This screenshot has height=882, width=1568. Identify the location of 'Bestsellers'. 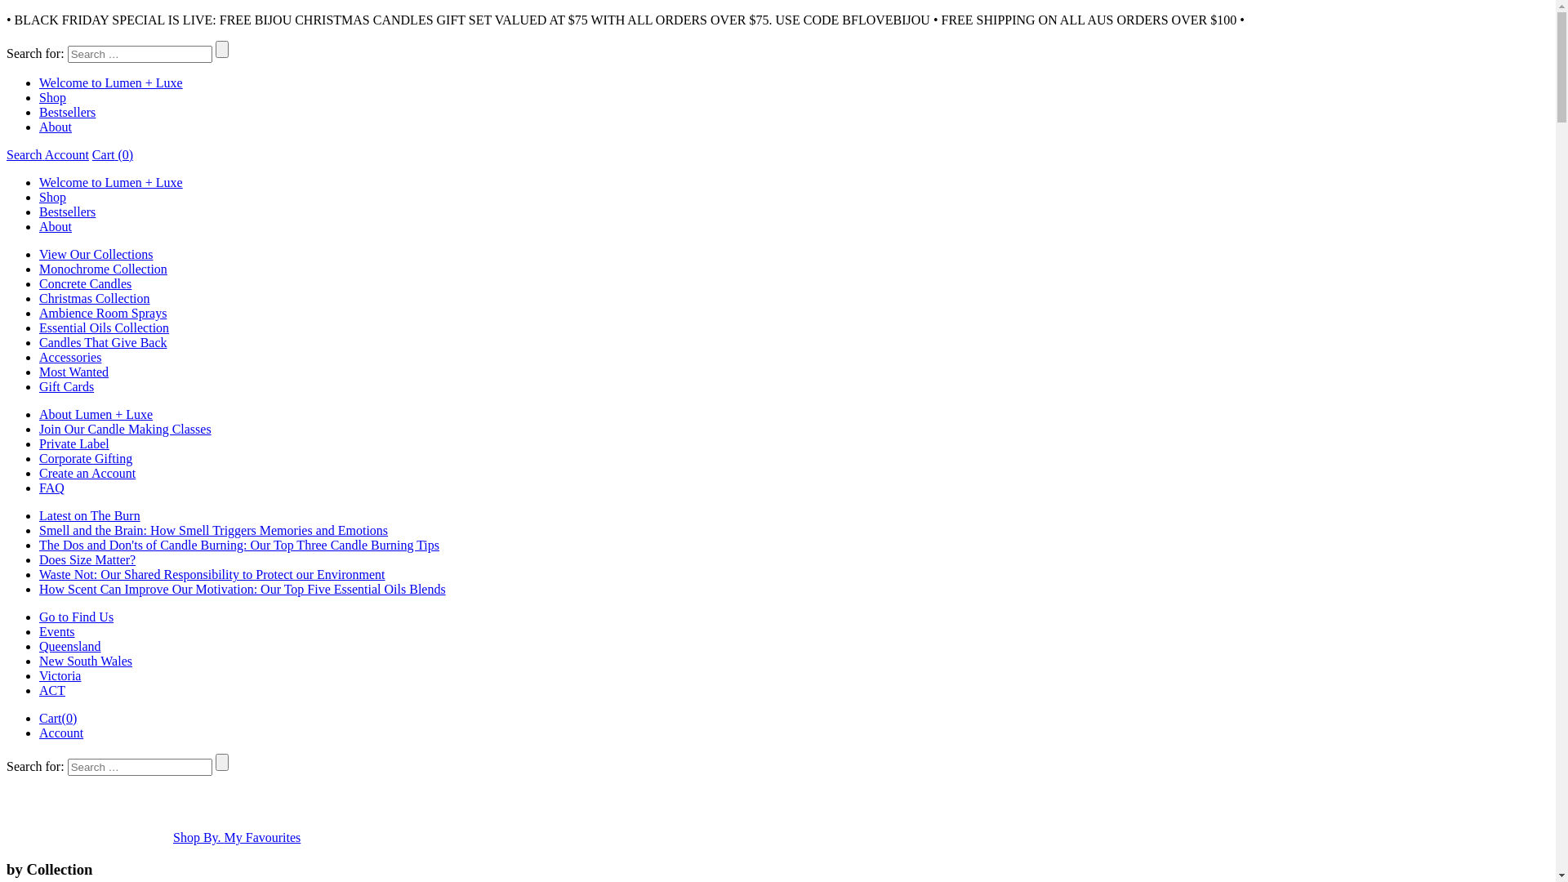
(66, 211).